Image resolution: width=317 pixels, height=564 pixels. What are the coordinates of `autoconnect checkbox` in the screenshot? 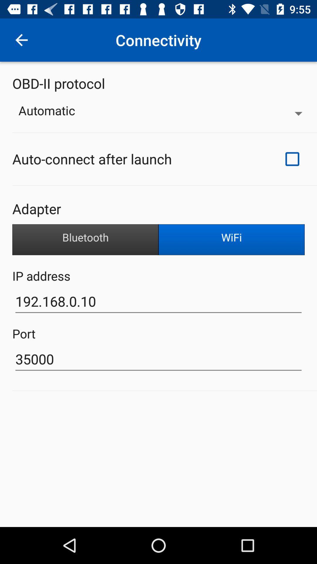 It's located at (292, 159).